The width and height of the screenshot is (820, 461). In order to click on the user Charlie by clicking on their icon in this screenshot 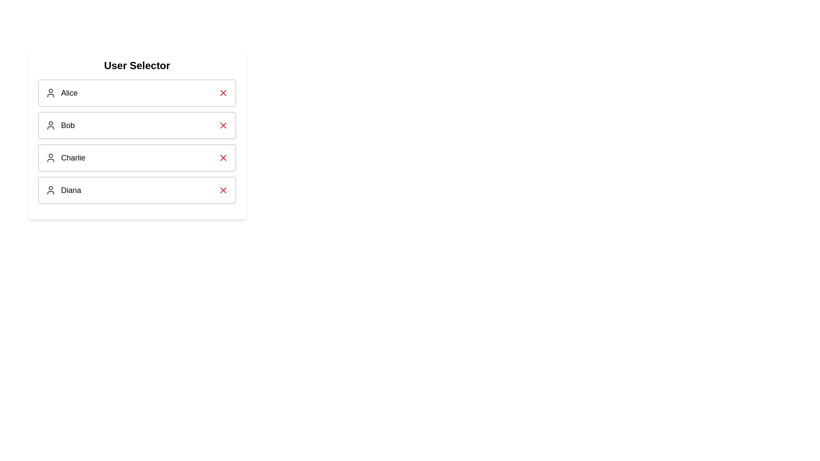, I will do `click(50, 158)`.